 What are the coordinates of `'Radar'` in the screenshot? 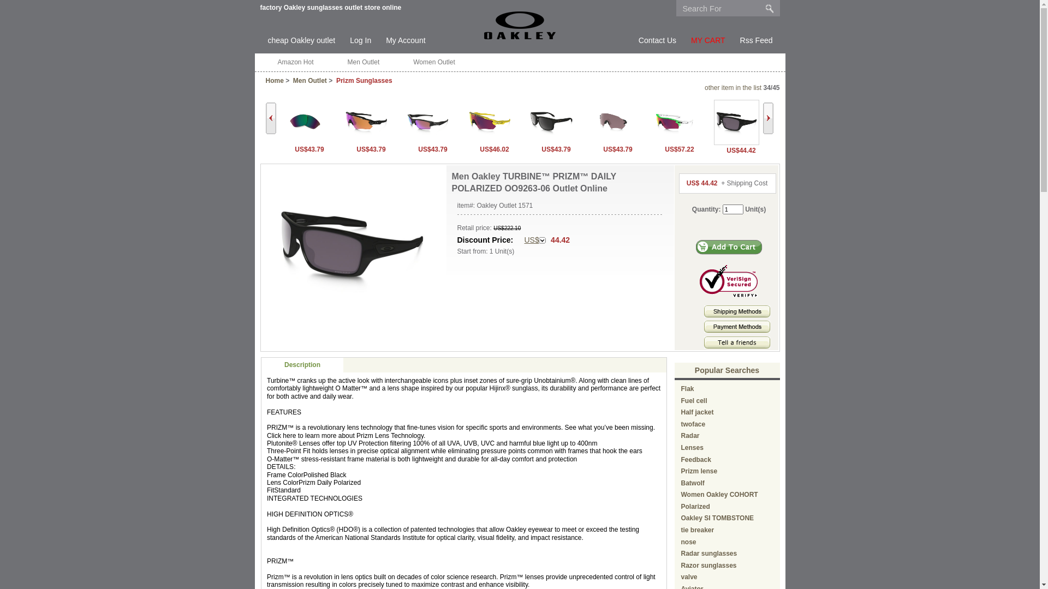 It's located at (690, 435).